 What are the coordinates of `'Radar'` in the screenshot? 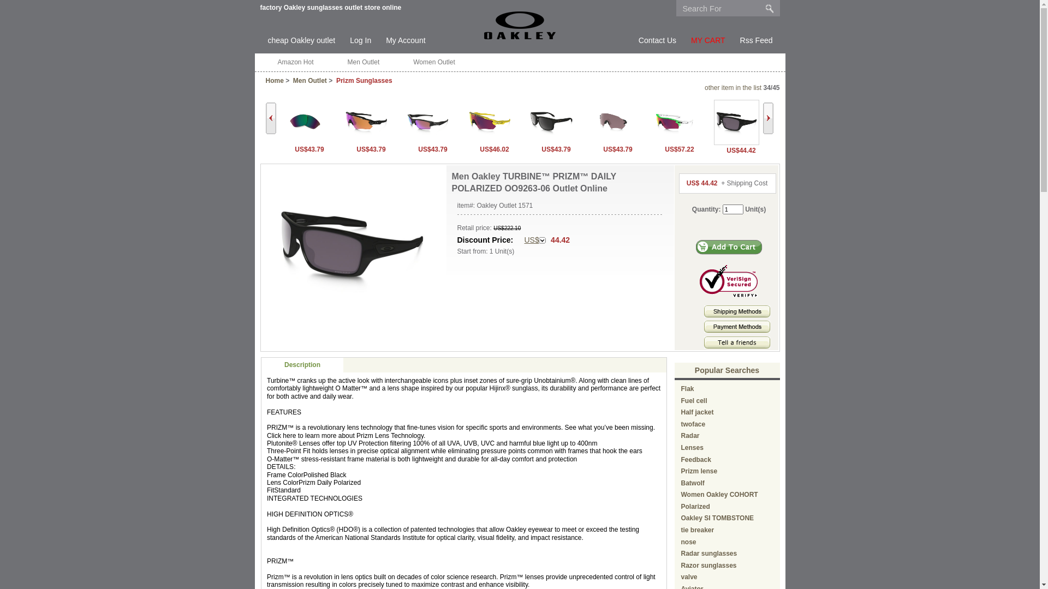 It's located at (690, 435).